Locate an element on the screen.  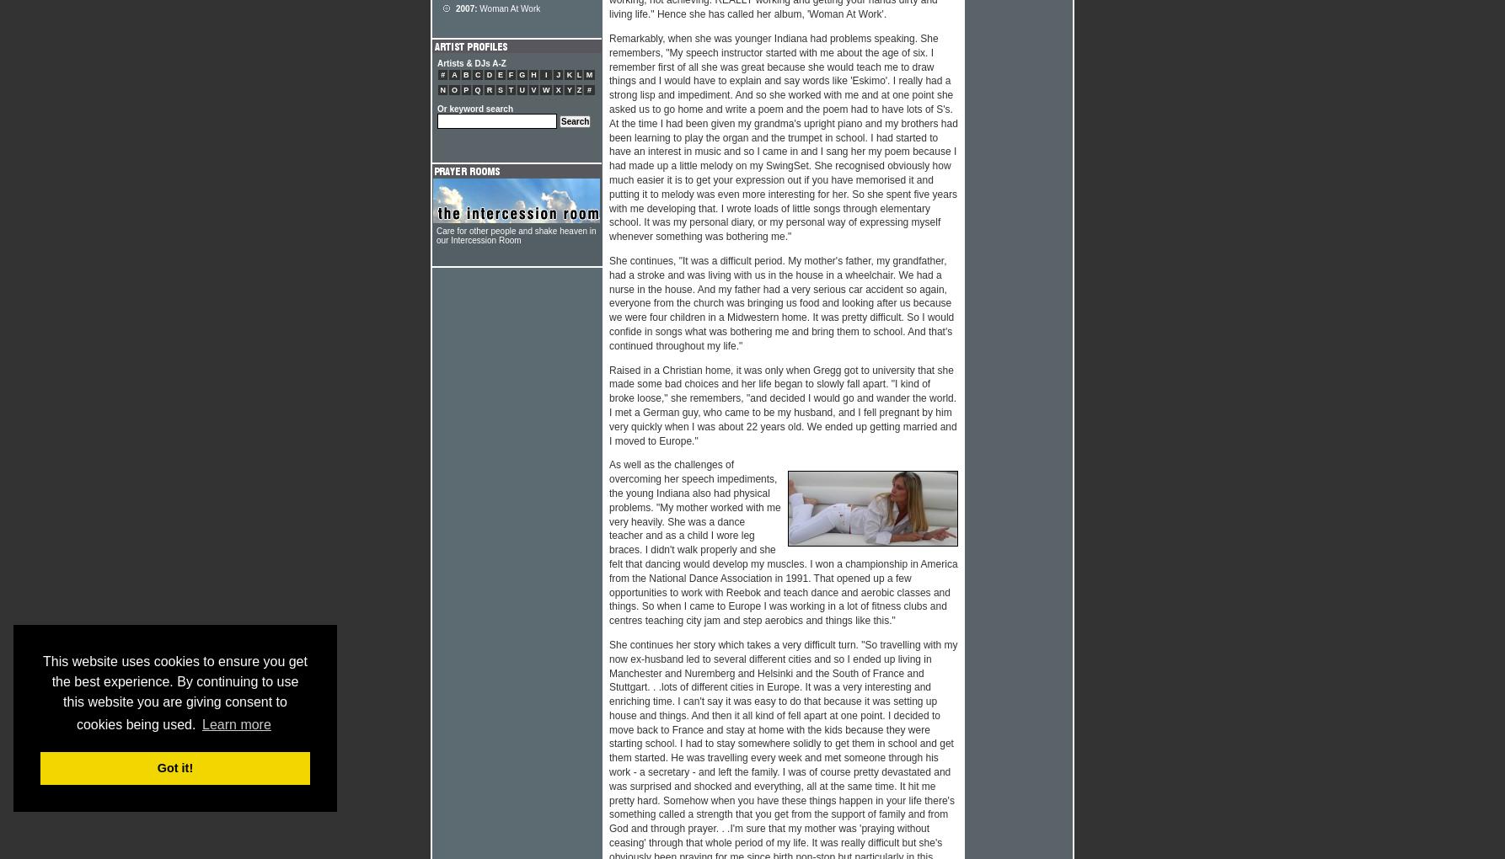
'N' is located at coordinates (442, 88).